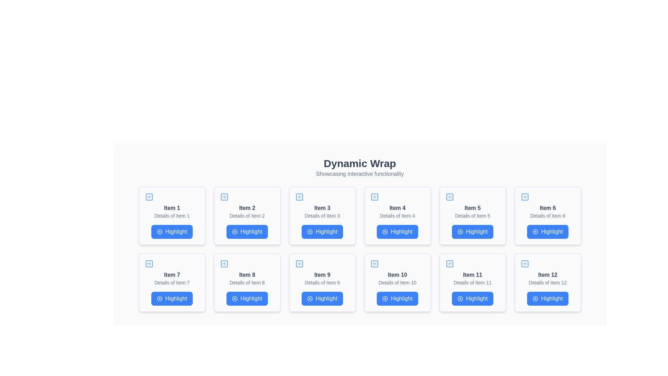 Image resolution: width=668 pixels, height=376 pixels. What do you see at coordinates (535, 232) in the screenshot?
I see `the circular plus sign icon embedded within the 'Highlight' button in the UI card for 'Item 6', which is located in the second row, third column of the grid layout` at bounding box center [535, 232].